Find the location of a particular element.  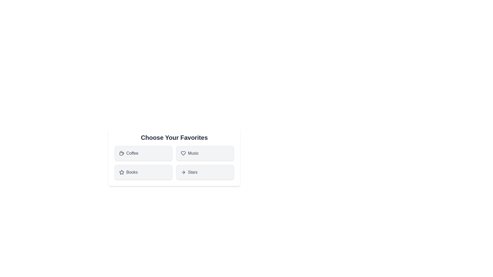

the arrow icon located at the right edge of the 'Stars' button in the bottom-right of the 2x2 grid layout, serving as a visual cue for further interaction is located at coordinates (183, 172).